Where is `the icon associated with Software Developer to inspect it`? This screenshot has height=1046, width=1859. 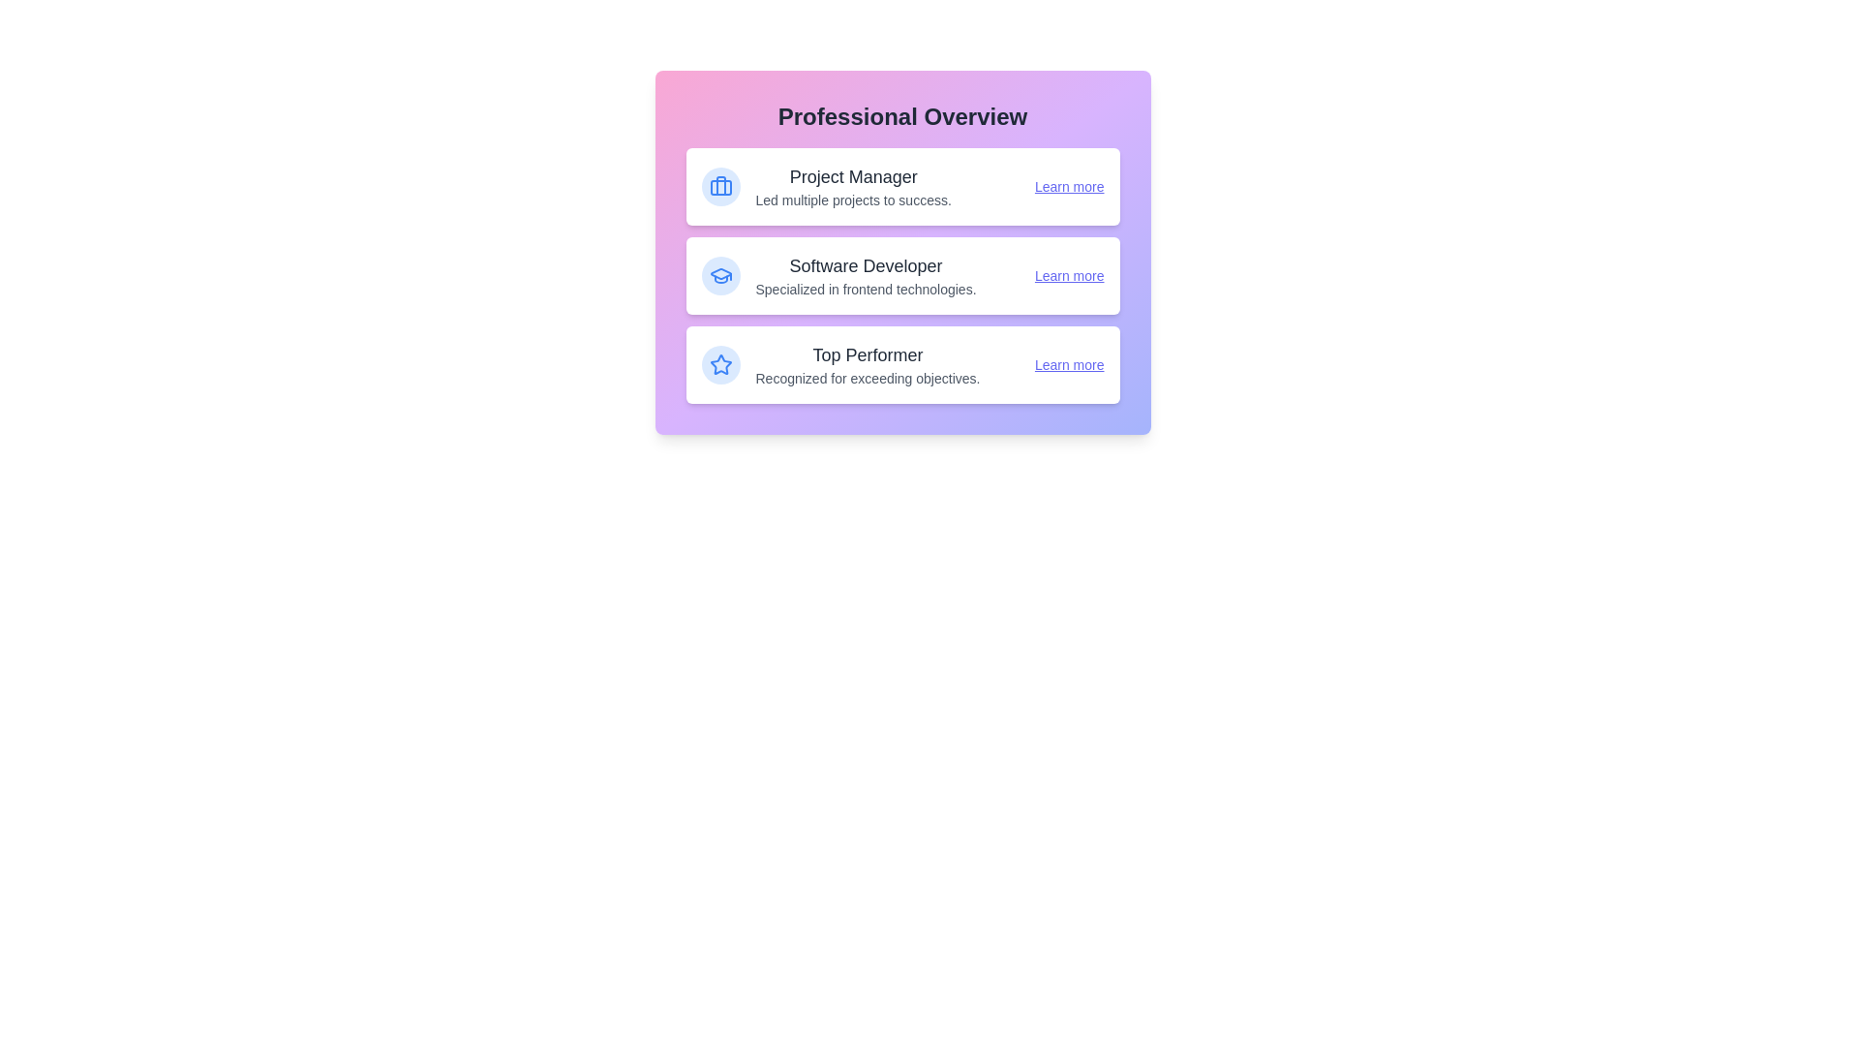 the icon associated with Software Developer to inspect it is located at coordinates (719, 276).